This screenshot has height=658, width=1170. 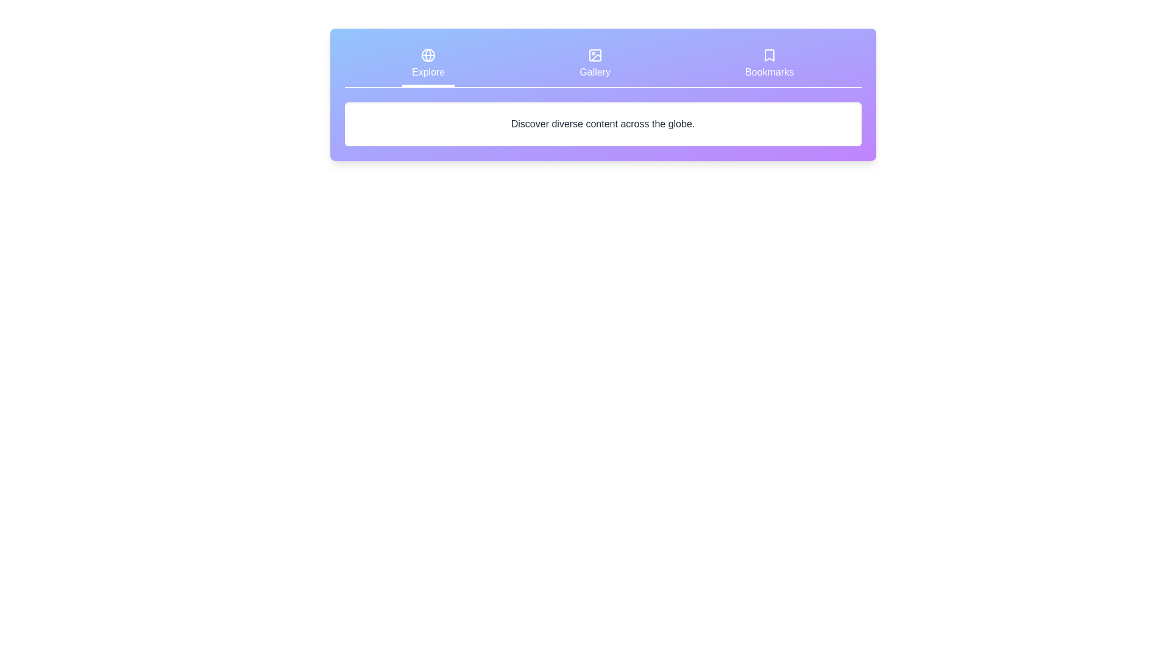 I want to click on the Bookmarks tab by clicking on it, so click(x=768, y=65).